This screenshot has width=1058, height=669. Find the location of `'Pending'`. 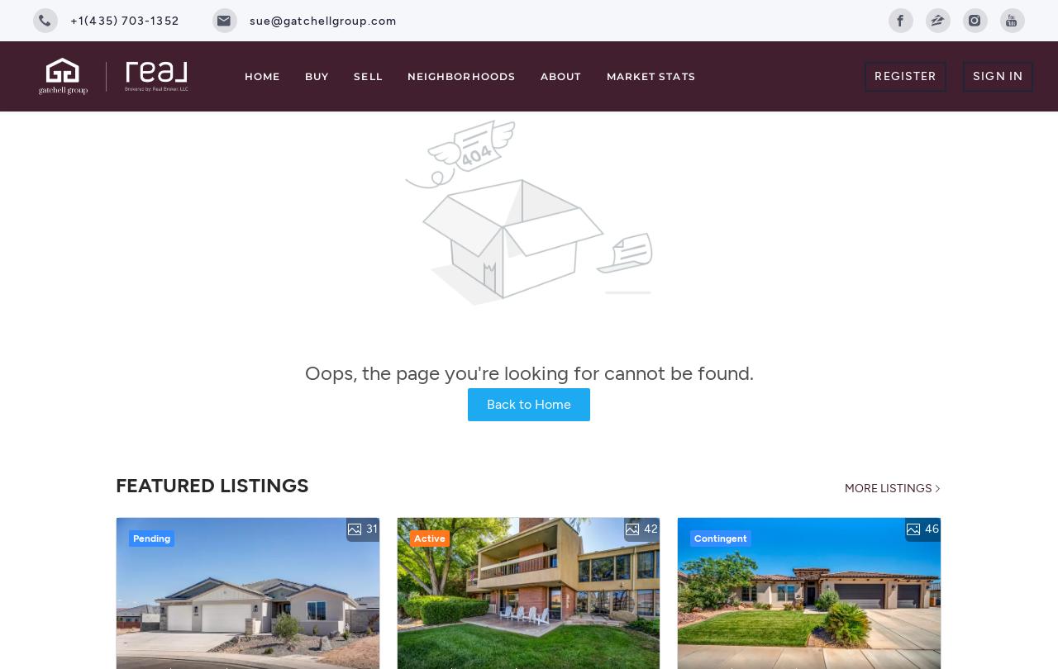

'Pending' is located at coordinates (151, 536).